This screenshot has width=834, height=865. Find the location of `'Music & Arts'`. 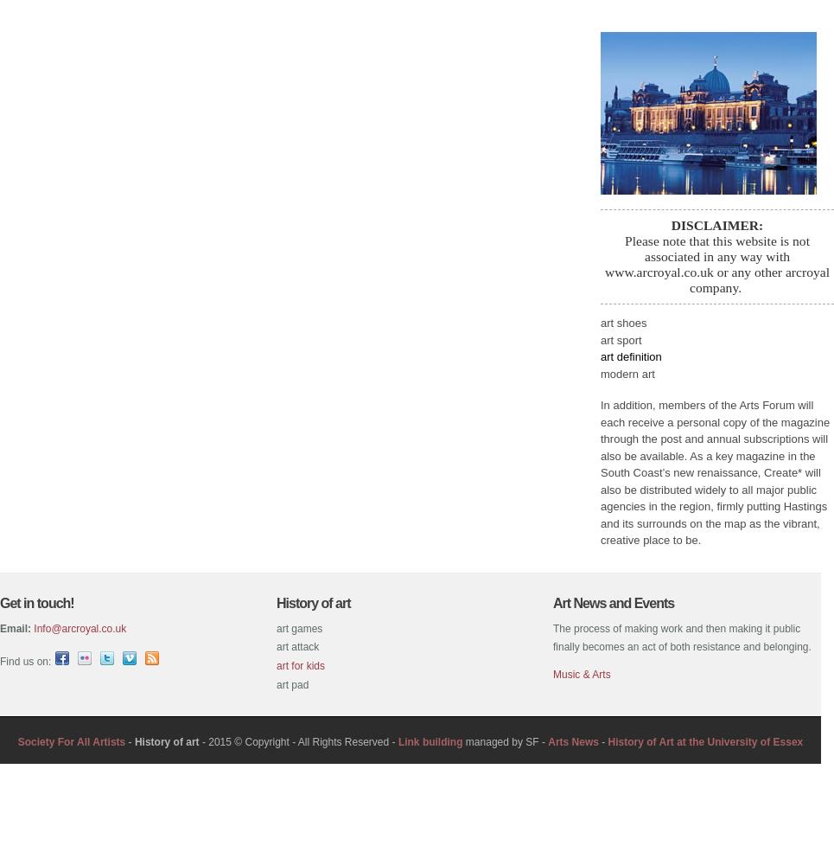

'Music & Arts' is located at coordinates (580, 674).